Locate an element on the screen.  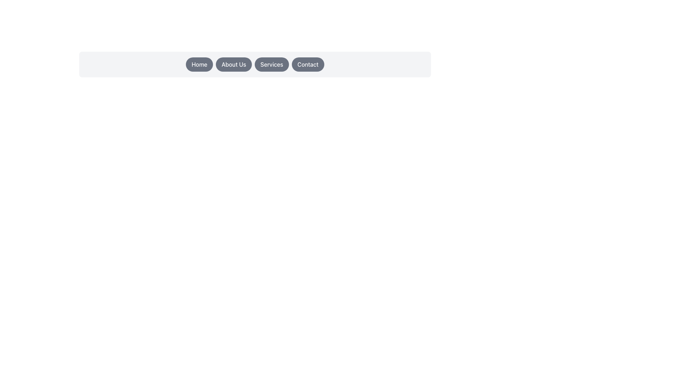
the 'About Us' button, which is a rounded button with a gray background and white text, positioned in the horizontal navigation menu between the 'Home' and 'Services' buttons is located at coordinates (234, 65).